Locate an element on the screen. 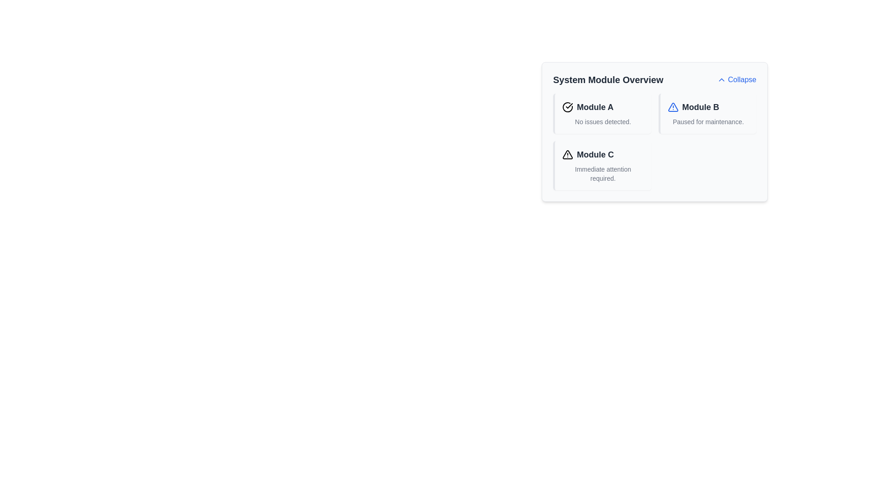 The width and height of the screenshot is (877, 493). the 'Collapse' interactive text button with the upward-pointing chevron icon located at the top-right of the 'System Module Overview' section header is located at coordinates (736, 79).